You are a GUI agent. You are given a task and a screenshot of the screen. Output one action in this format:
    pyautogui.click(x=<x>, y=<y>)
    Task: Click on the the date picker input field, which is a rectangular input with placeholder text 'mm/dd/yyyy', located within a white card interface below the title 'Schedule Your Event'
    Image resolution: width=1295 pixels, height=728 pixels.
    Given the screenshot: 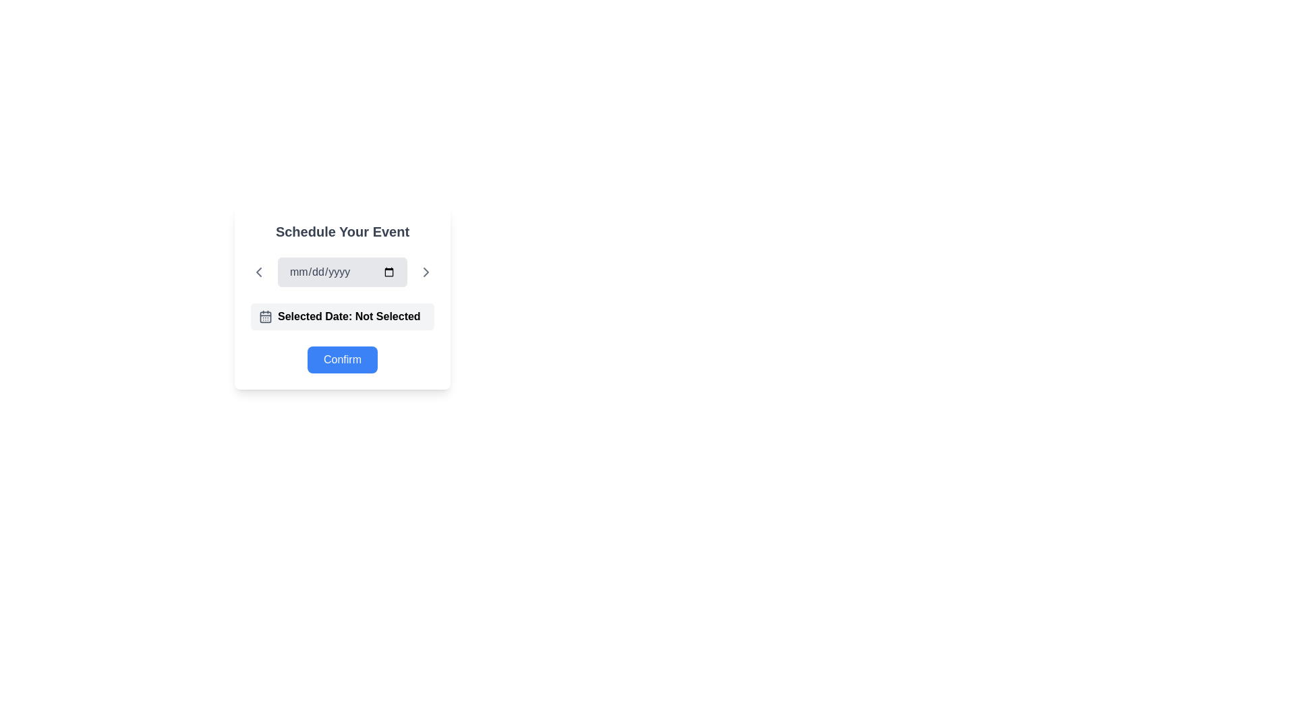 What is the action you would take?
    pyautogui.click(x=343, y=272)
    